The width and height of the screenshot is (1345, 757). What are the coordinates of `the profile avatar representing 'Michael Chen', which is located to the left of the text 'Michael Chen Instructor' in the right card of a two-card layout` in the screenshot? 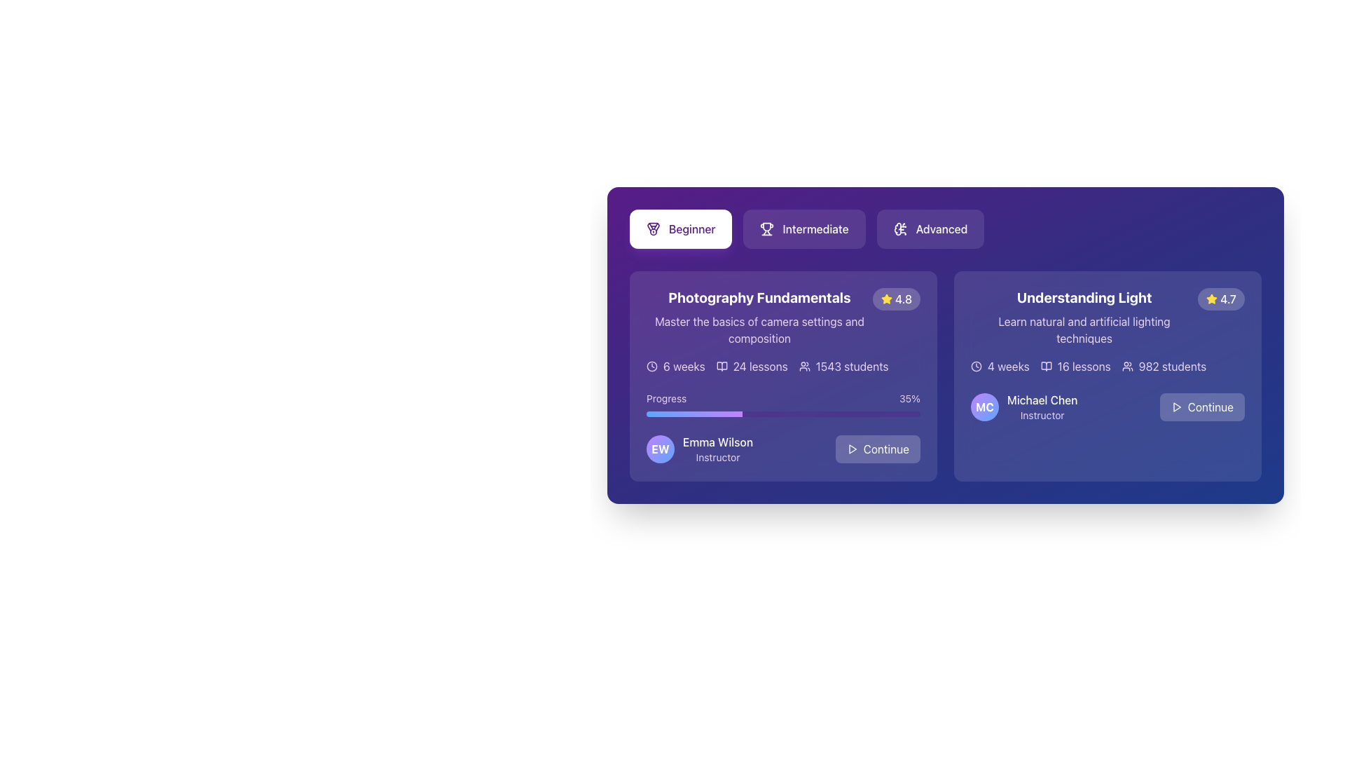 It's located at (984, 407).